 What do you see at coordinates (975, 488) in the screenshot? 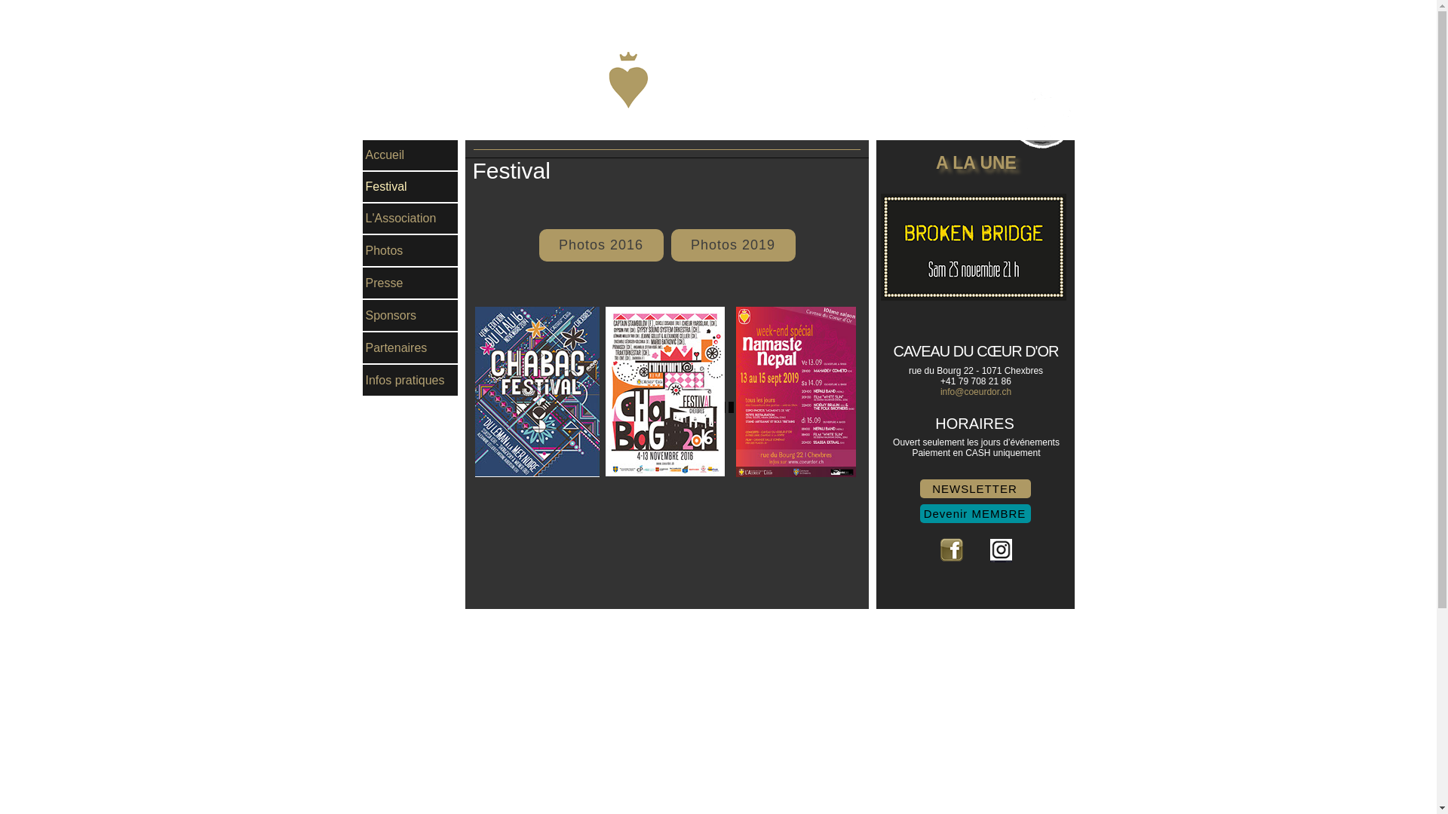
I see `'NEWSLETTER'` at bounding box center [975, 488].